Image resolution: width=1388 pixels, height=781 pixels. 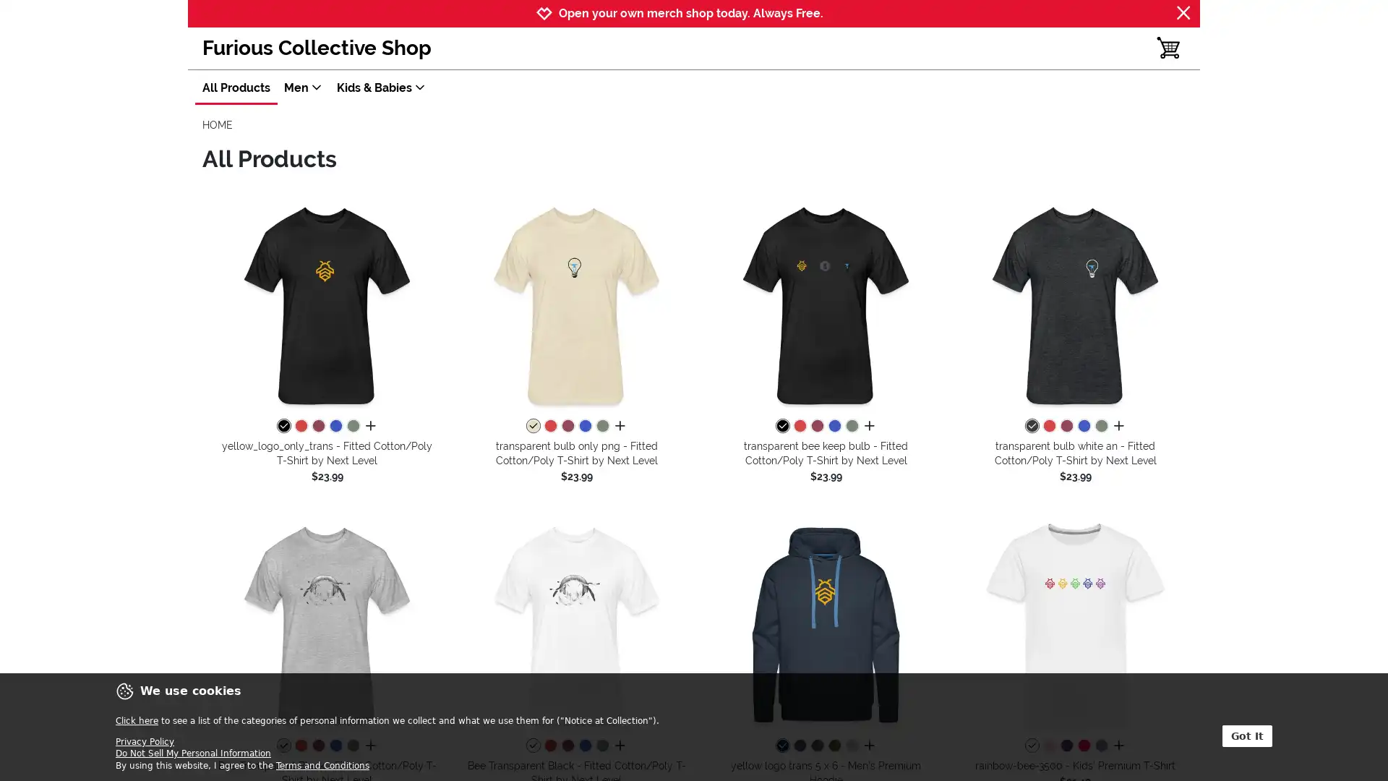 I want to click on heather burgundy, so click(x=317, y=426).